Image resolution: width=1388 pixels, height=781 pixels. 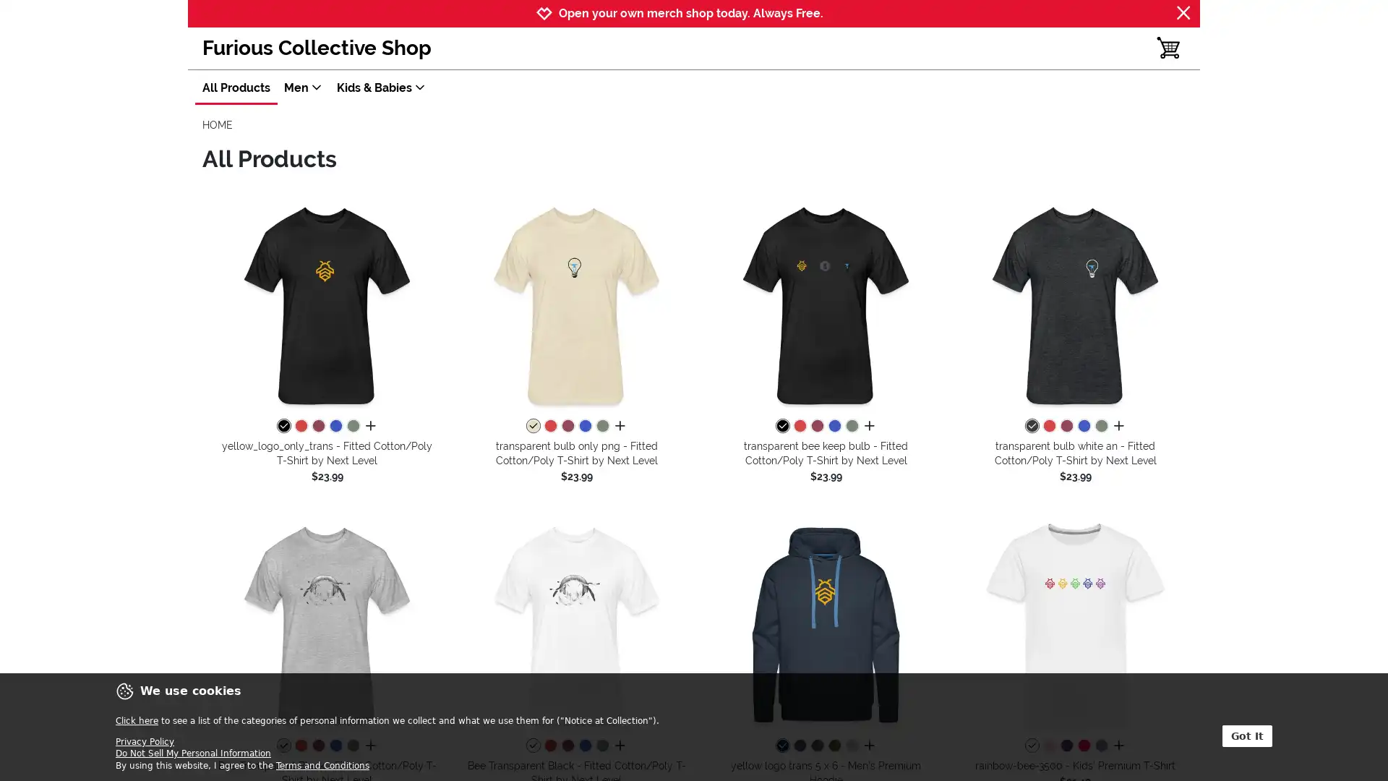 I want to click on heather burgundy, so click(x=317, y=426).